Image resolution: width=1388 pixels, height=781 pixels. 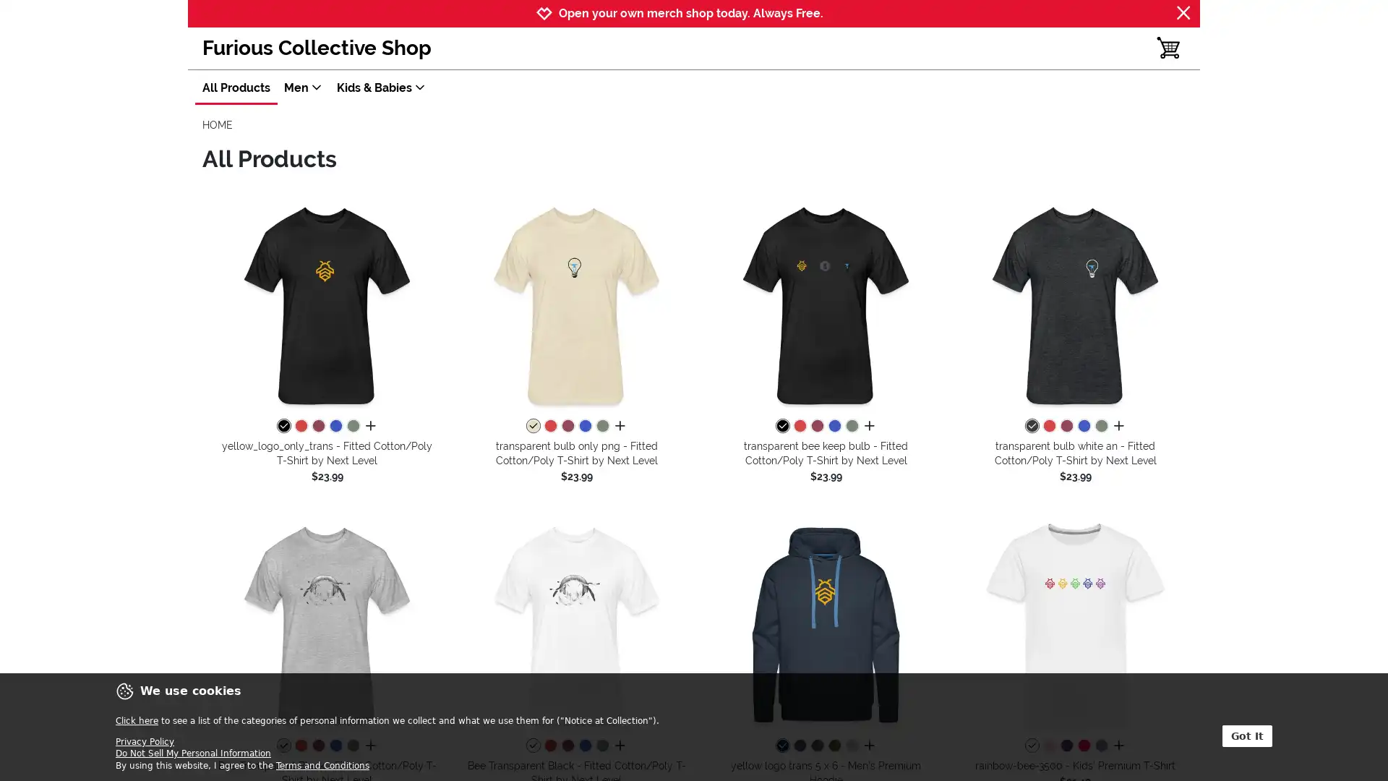 I want to click on heather burgundy, so click(x=317, y=426).